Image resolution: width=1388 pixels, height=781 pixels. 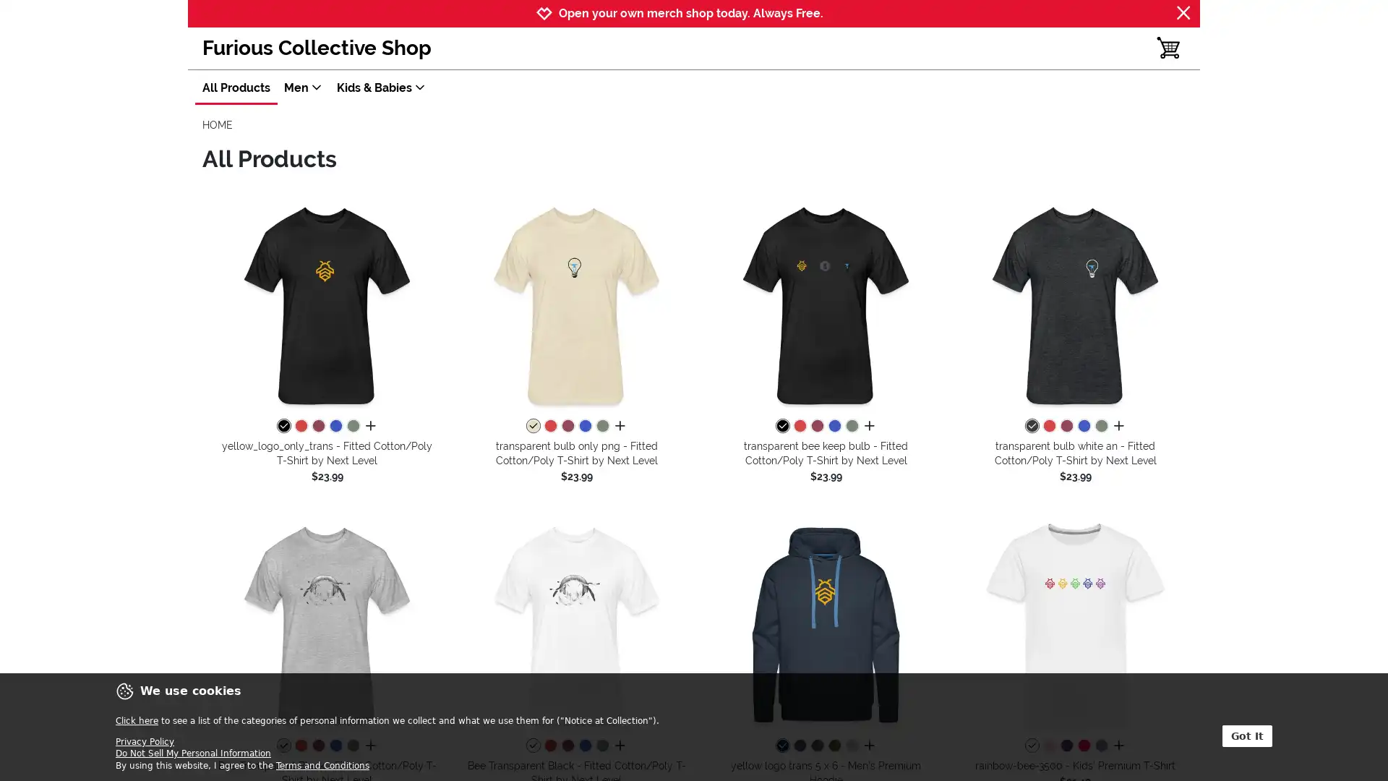 I want to click on heather burgundy, so click(x=317, y=426).